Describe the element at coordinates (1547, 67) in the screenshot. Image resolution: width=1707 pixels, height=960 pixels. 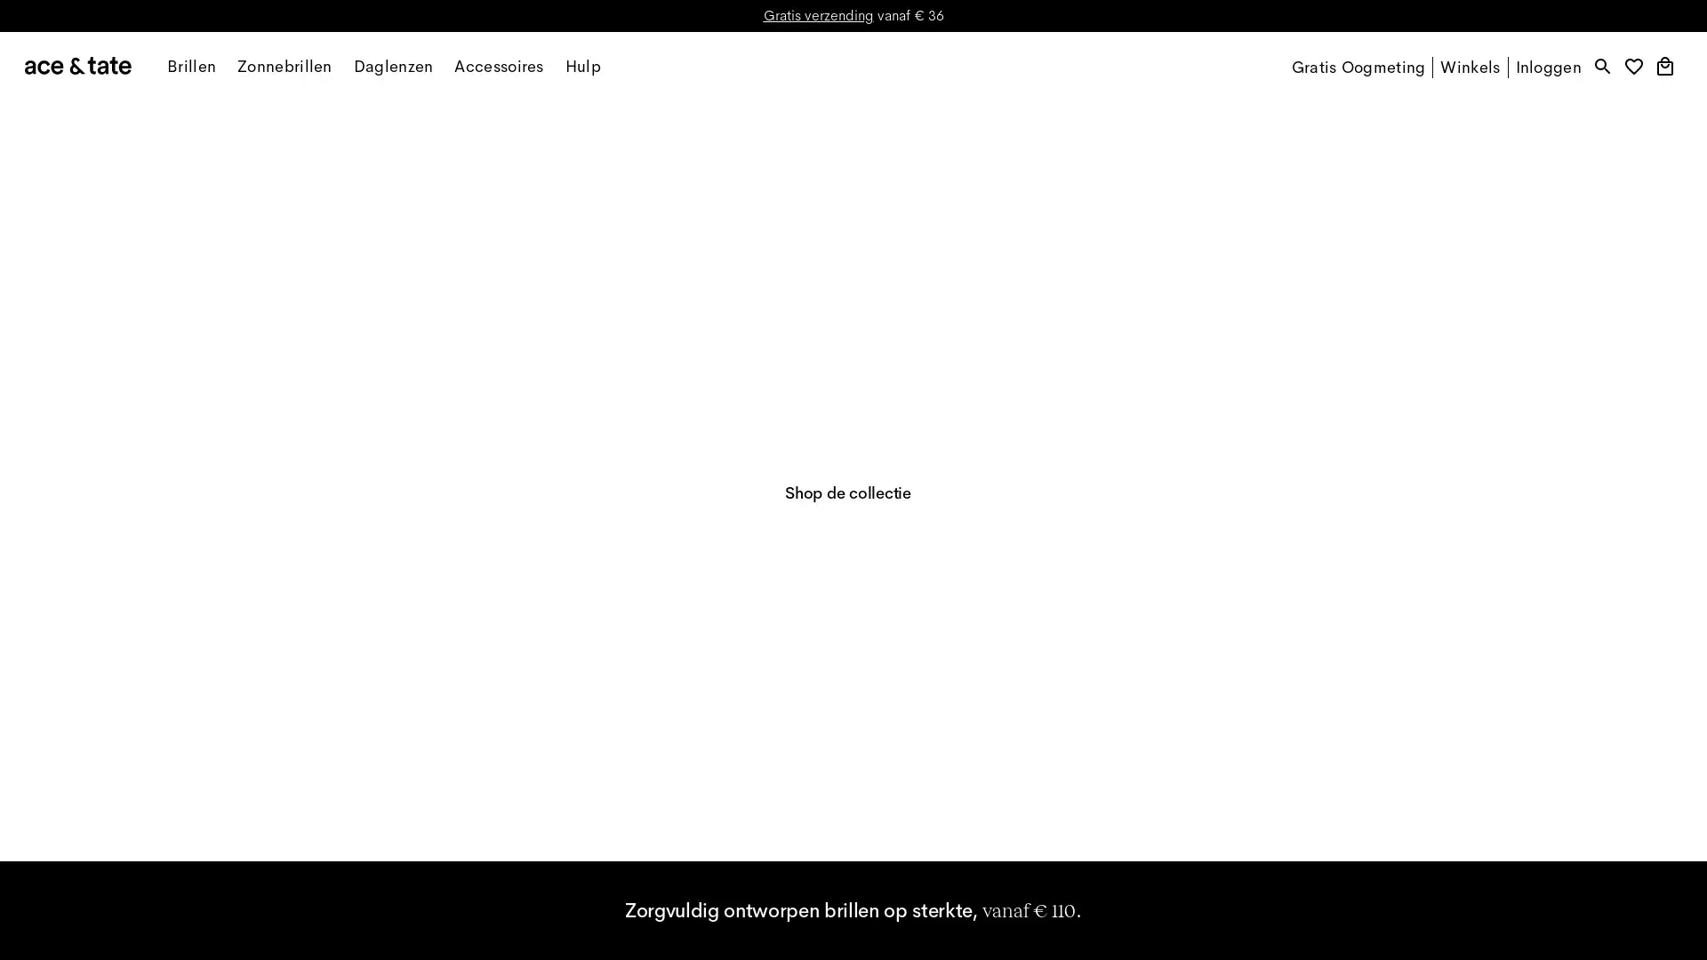
I see `Inloggen` at that location.